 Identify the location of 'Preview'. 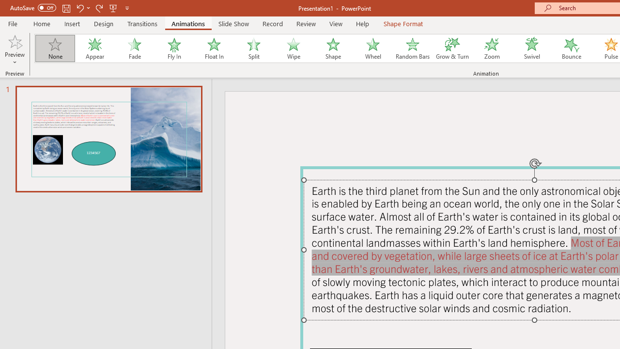
(15, 41).